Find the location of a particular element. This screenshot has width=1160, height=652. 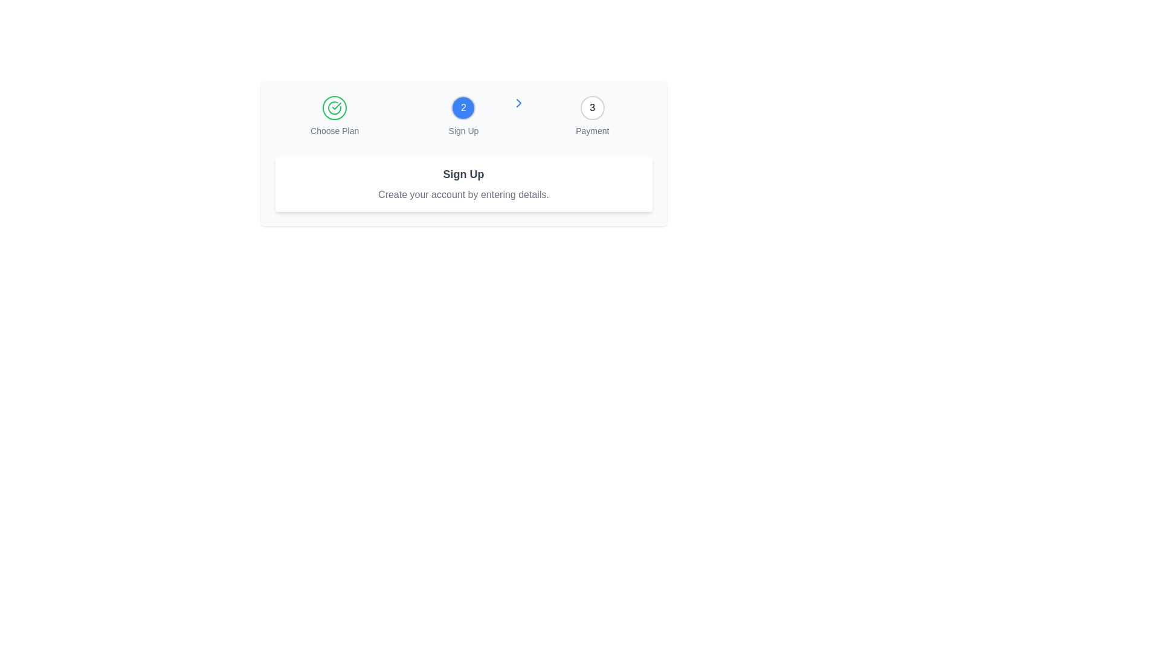

the first step indicator in the navigation bar that shows the completion of the 'Choose Plan' step to proceed to the next step, if interactive is located at coordinates (335, 107).